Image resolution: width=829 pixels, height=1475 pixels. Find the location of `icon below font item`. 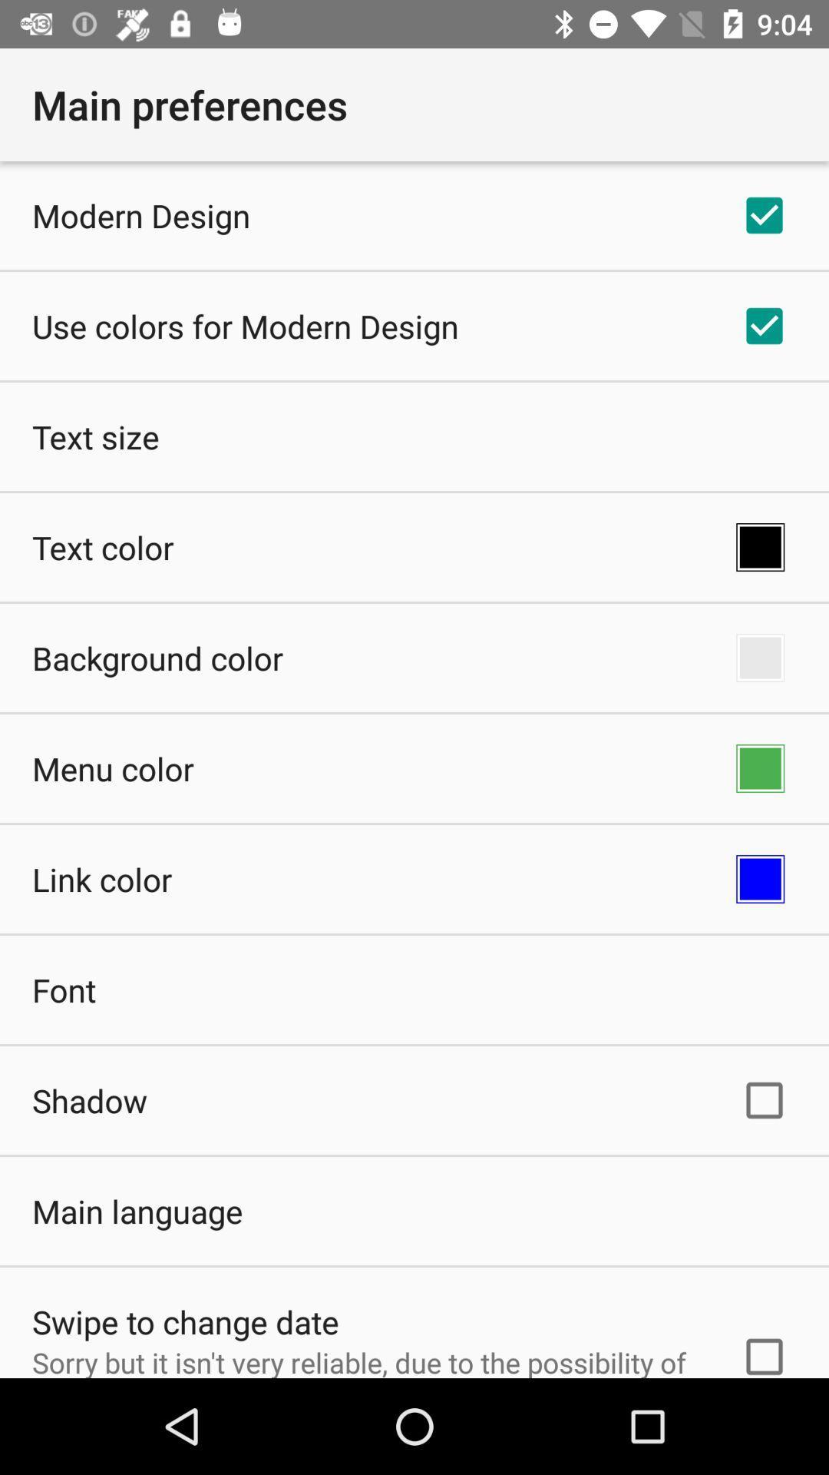

icon below font item is located at coordinates (89, 1099).